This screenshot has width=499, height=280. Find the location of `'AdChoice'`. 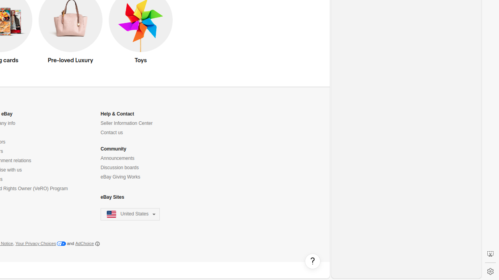

'AdChoice' is located at coordinates (87, 243).